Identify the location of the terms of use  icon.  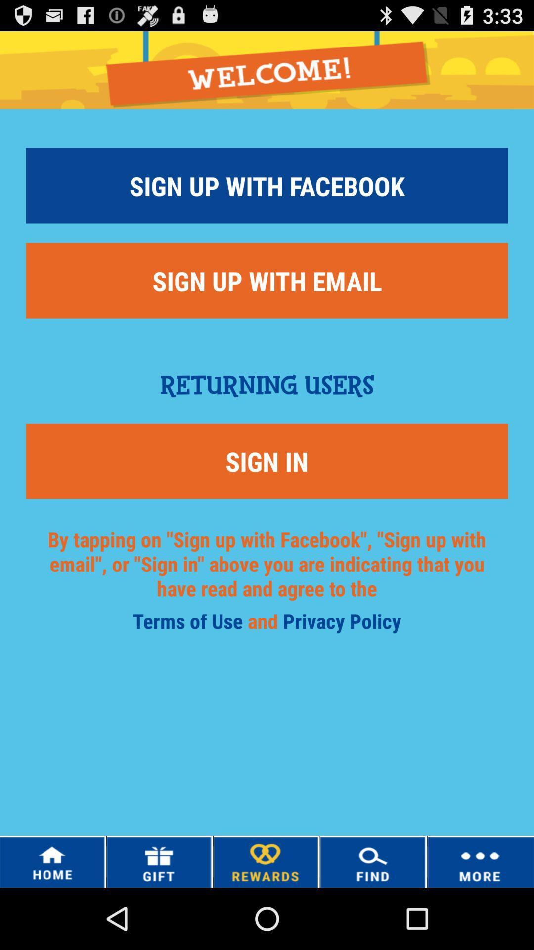
(190, 624).